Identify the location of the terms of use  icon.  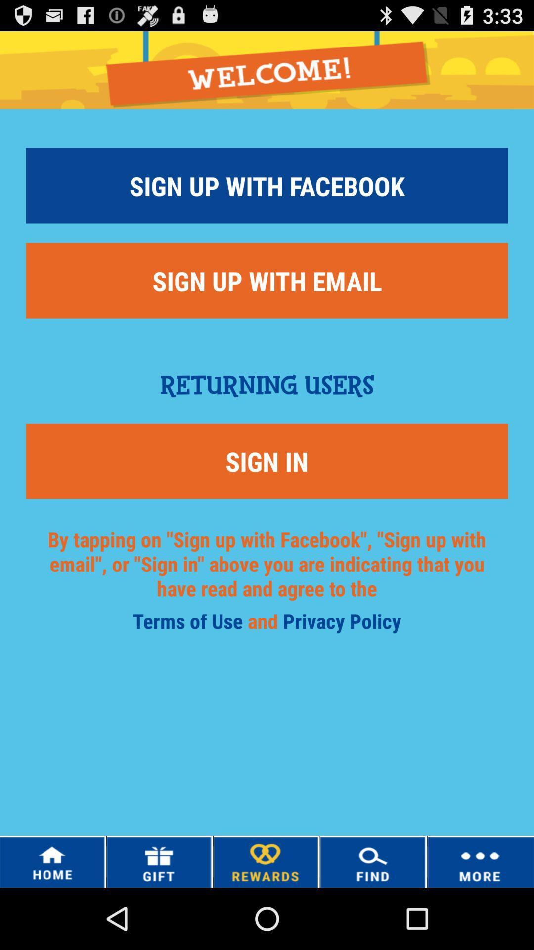
(190, 624).